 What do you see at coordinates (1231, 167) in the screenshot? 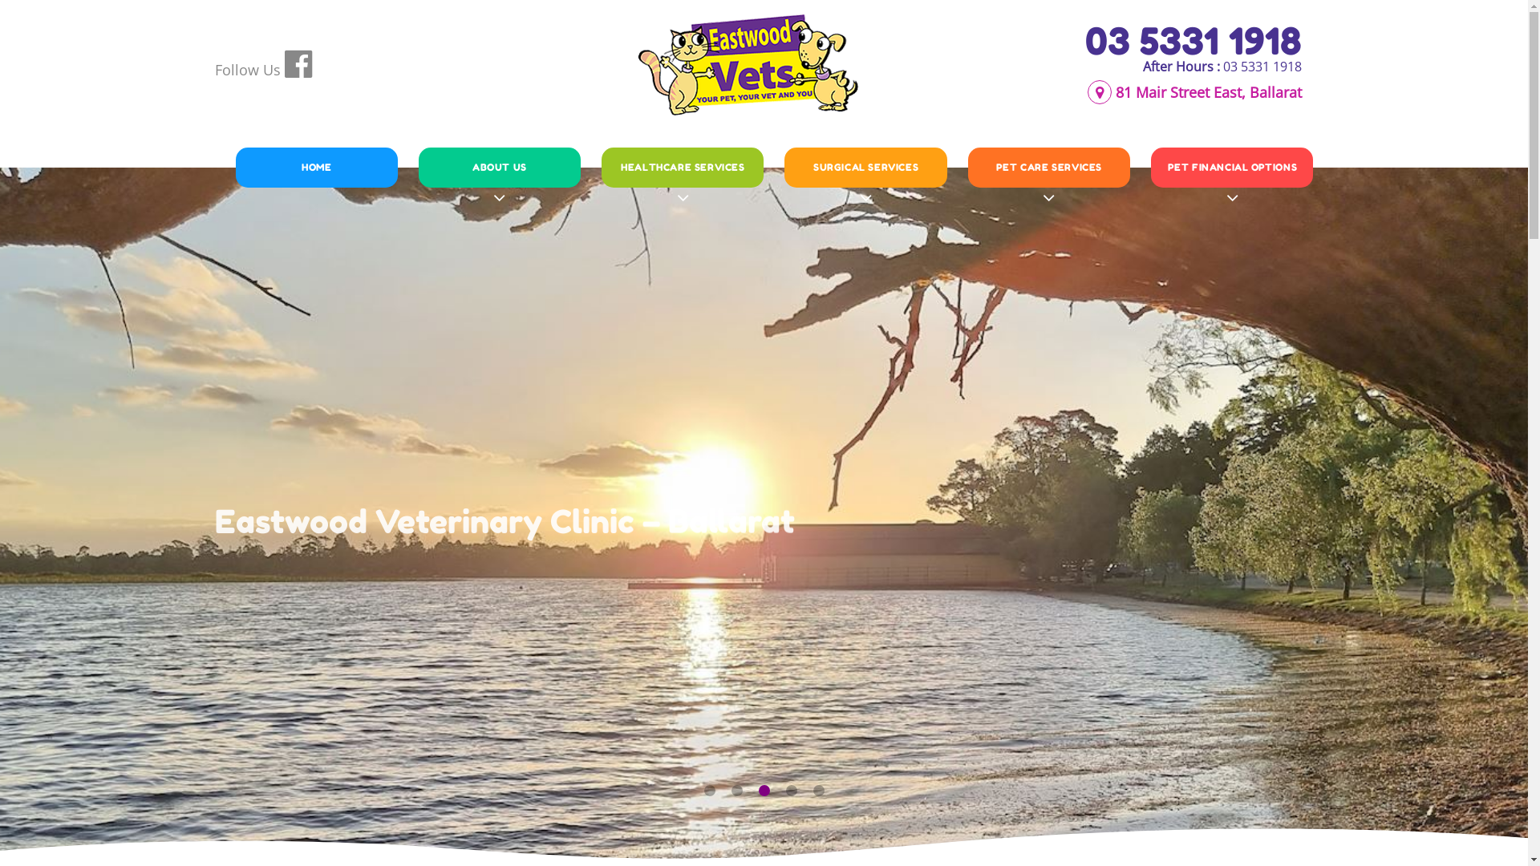
I see `'PET FINANCIAL OPTIONS'` at bounding box center [1231, 167].